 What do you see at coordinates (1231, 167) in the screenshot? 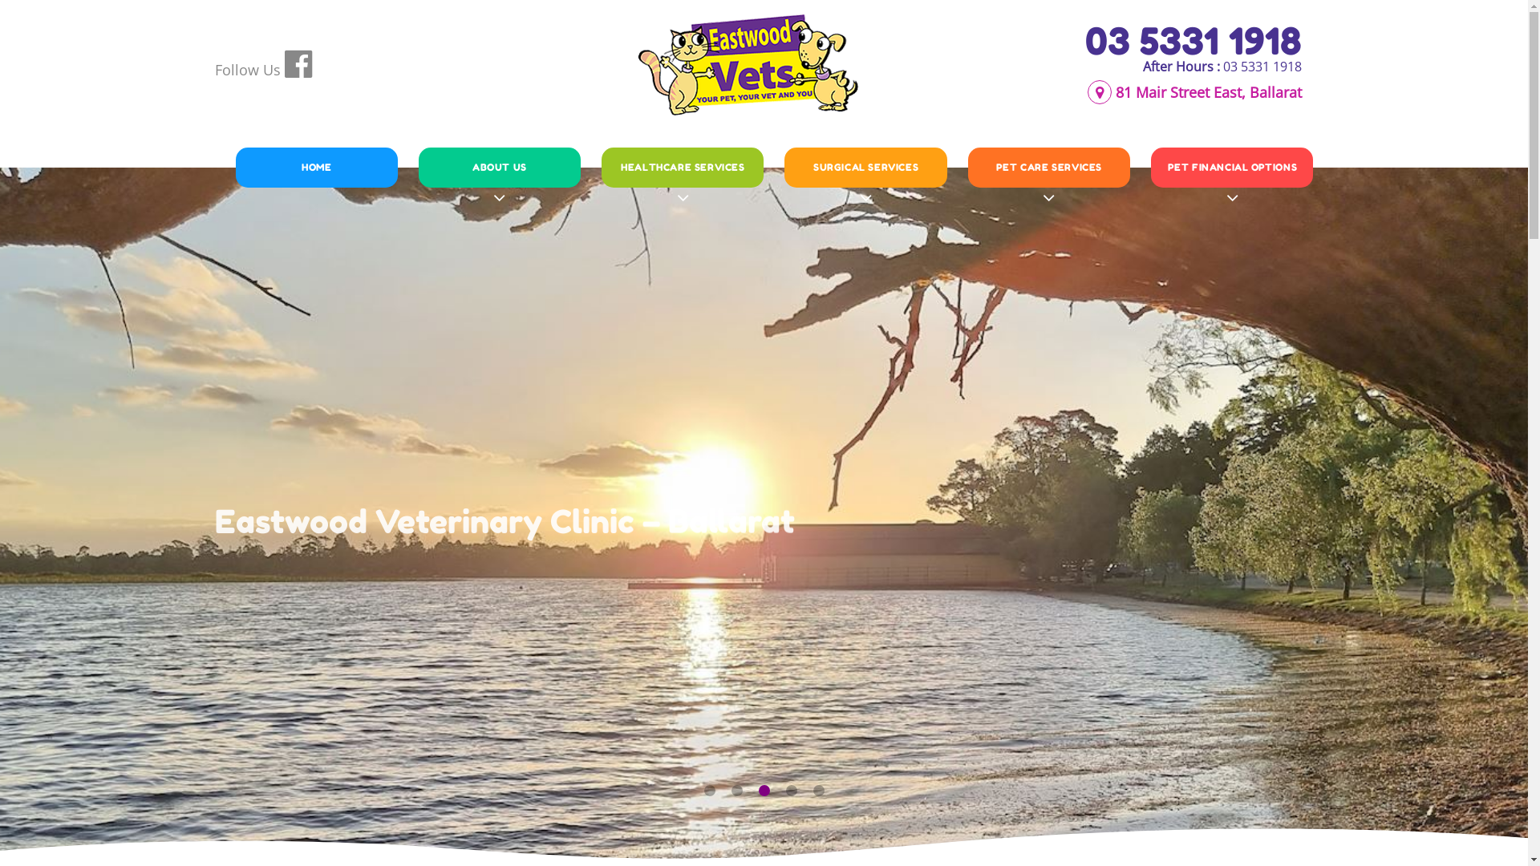
I see `'PET FINANCIAL OPTIONS'` at bounding box center [1231, 167].